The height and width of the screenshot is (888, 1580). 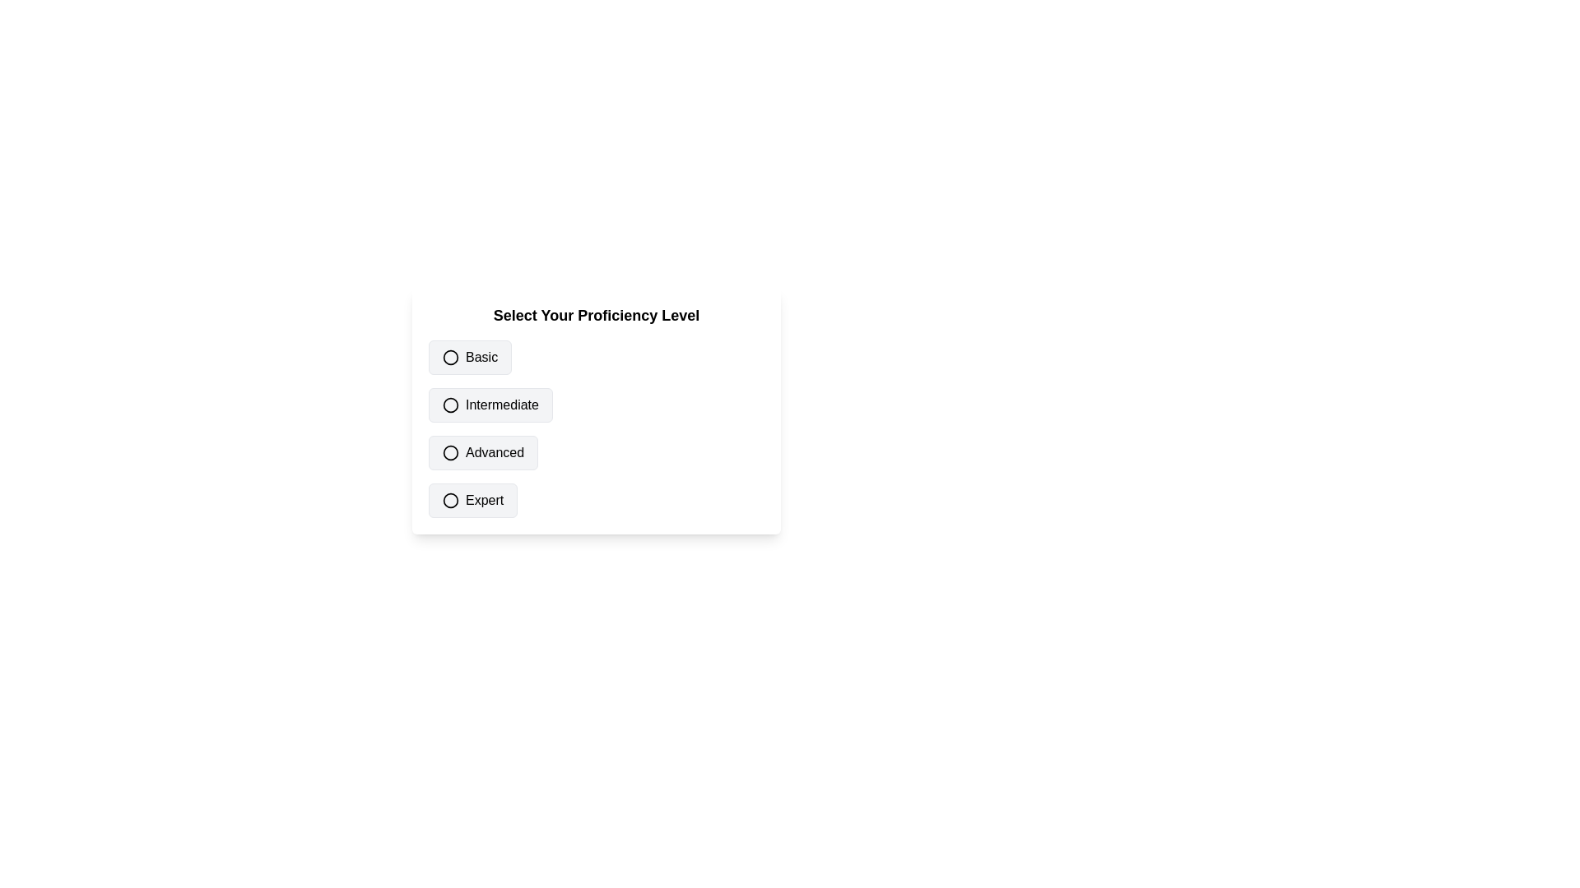 I want to click on the unselected radio button next to the 'Intermediate' label, so click(x=450, y=405).